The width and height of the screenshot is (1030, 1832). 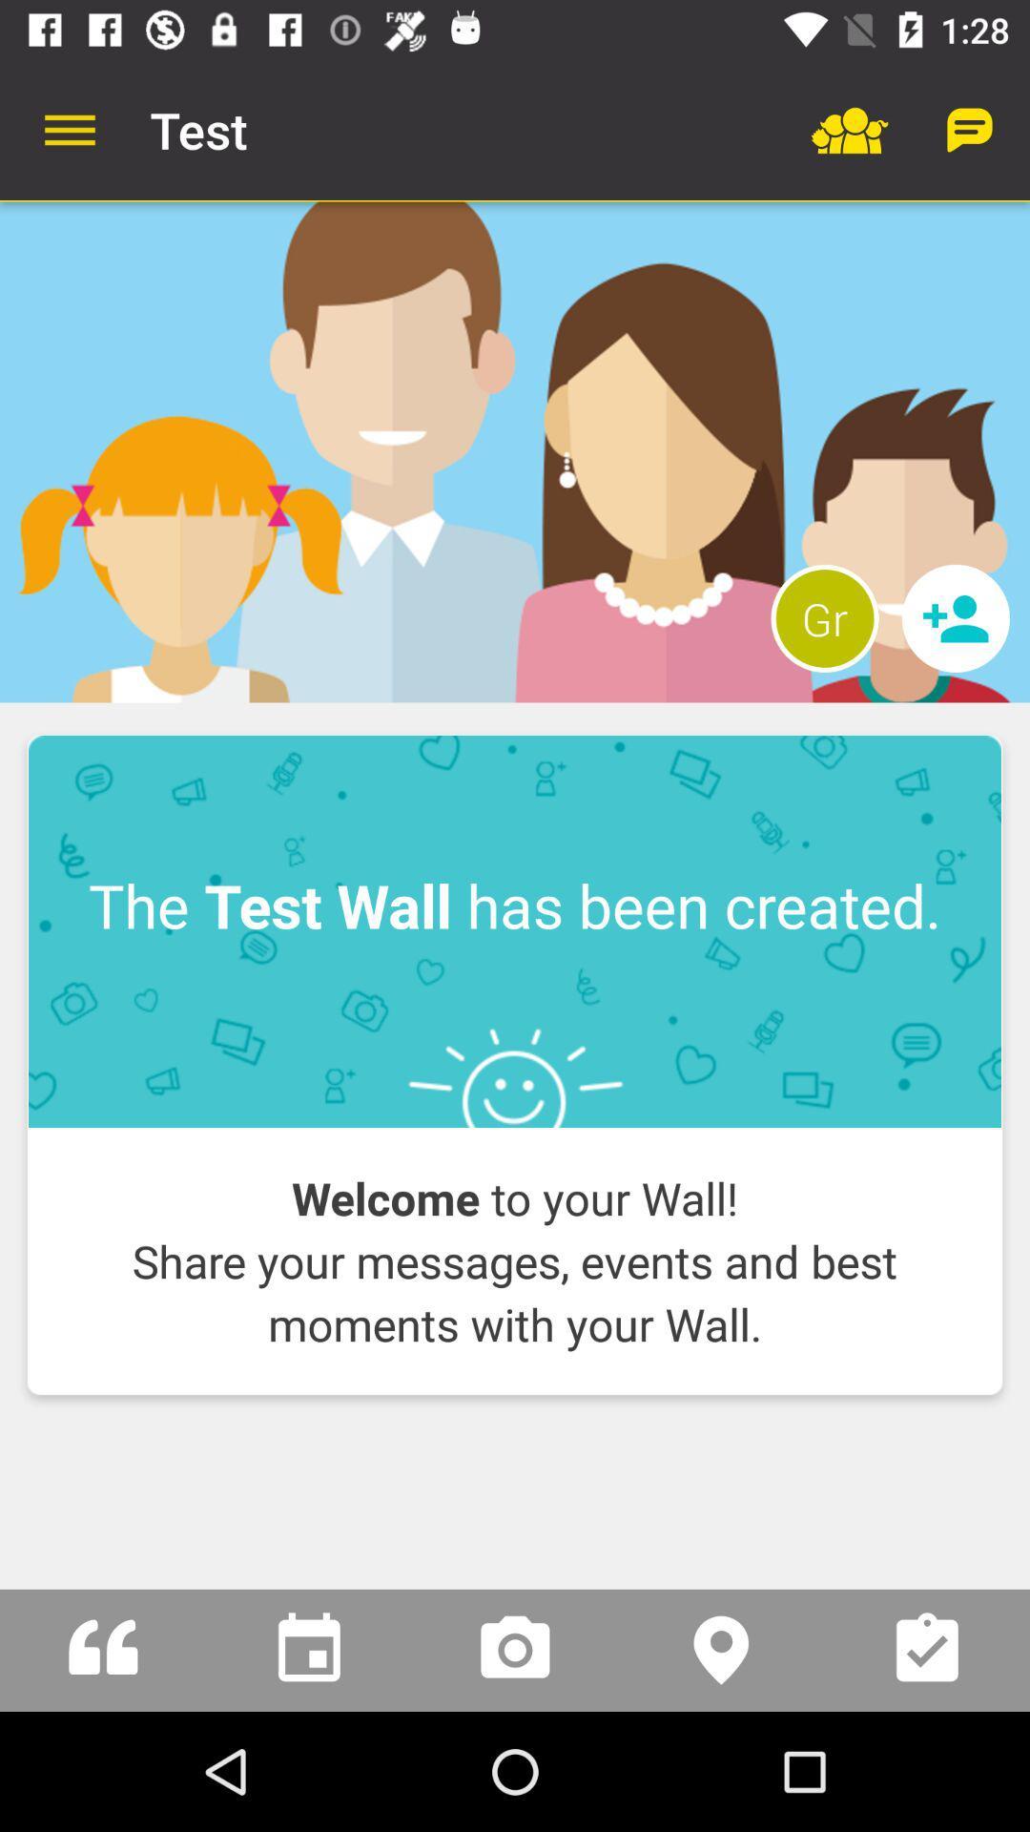 What do you see at coordinates (515, 451) in the screenshot?
I see `profile` at bounding box center [515, 451].